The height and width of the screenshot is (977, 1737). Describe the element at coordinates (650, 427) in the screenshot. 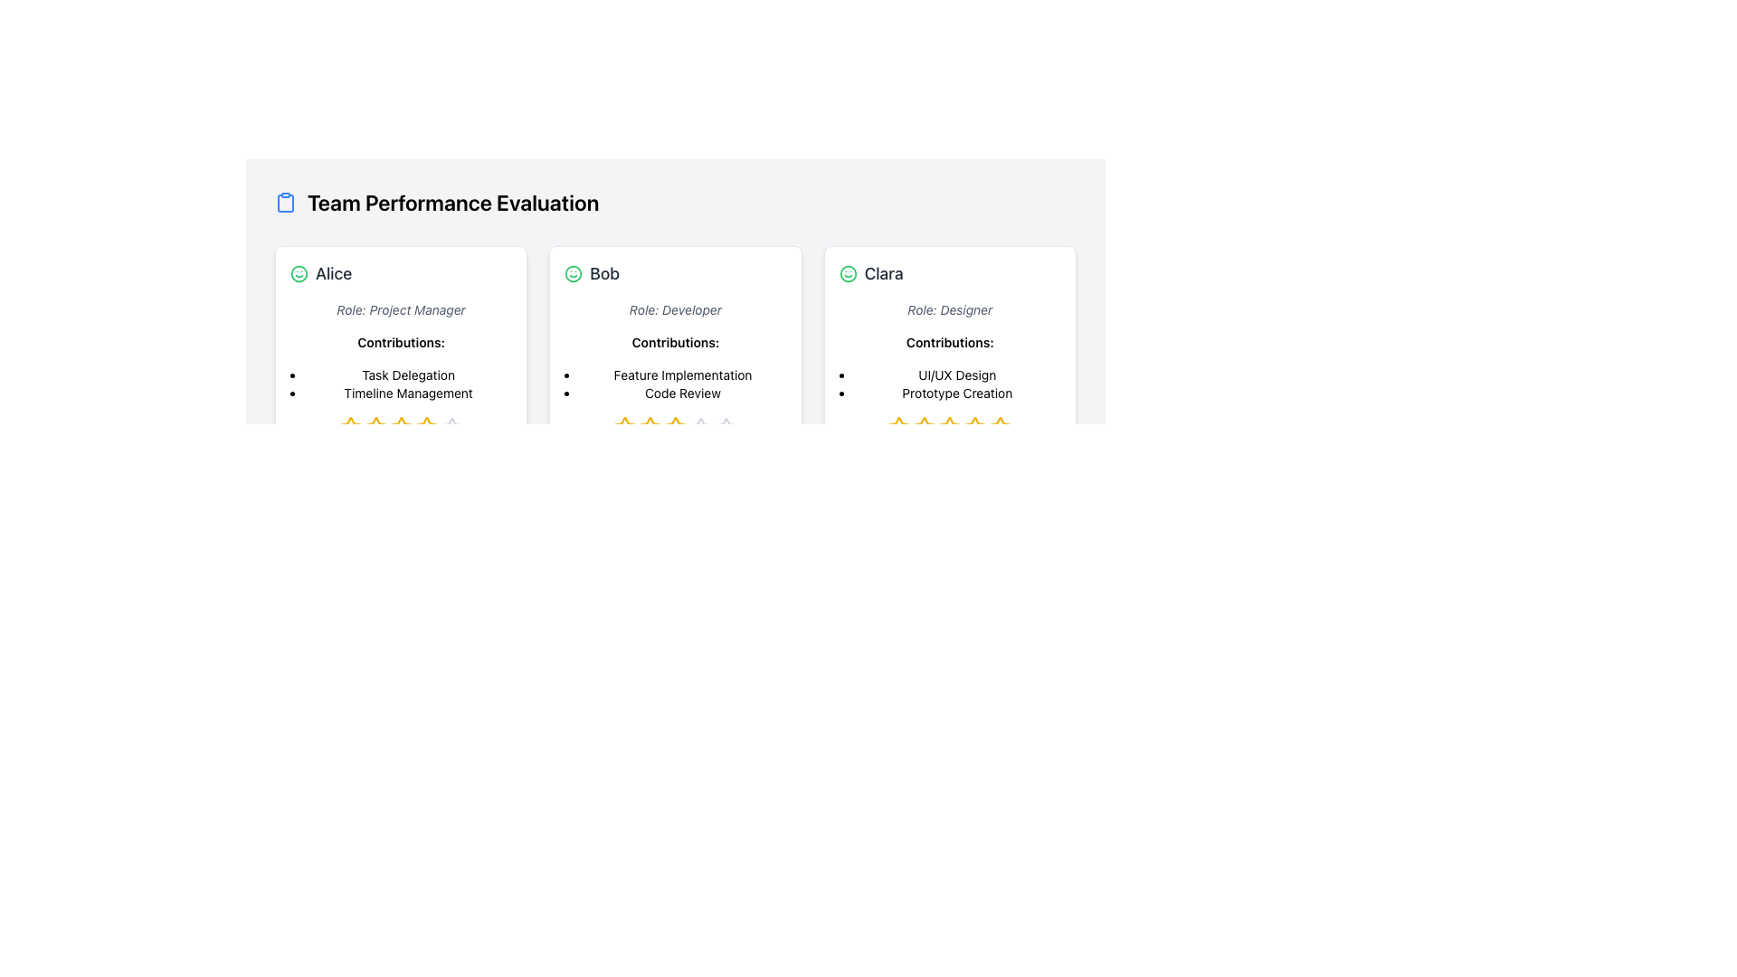

I see `the third star icon in the rating system under Bob's profile card in the team performance evaluation section` at that location.